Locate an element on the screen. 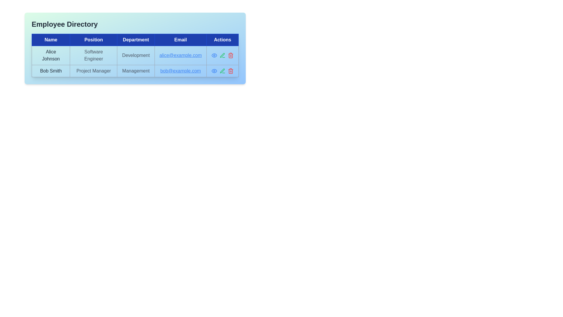 This screenshot has width=563, height=317. the 'Actions' table header cell, which is a rectangular button-like component with white text on a blue background, located at the top-right corner of the header row is located at coordinates (222, 40).